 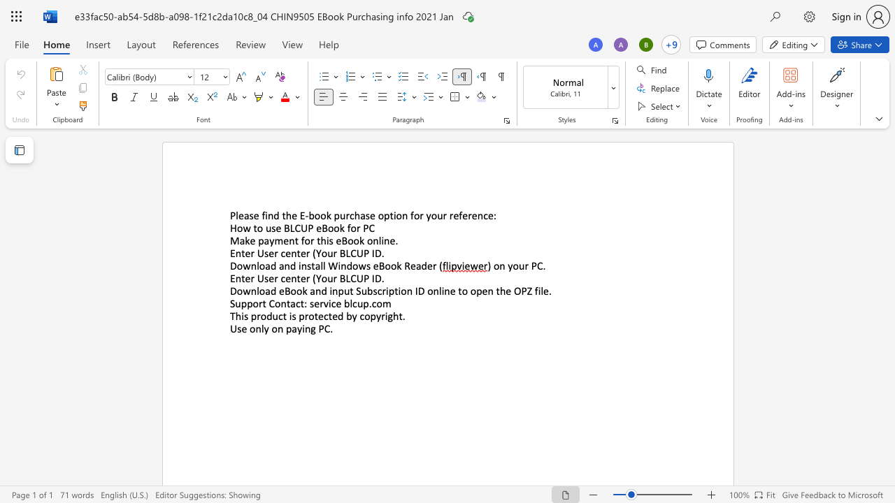 I want to click on the space between the continuous character "a" and "n" in the text, so click(x=315, y=290).